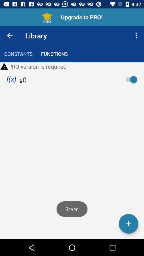 This screenshot has width=144, height=256. I want to click on the item next to library icon, so click(10, 35).